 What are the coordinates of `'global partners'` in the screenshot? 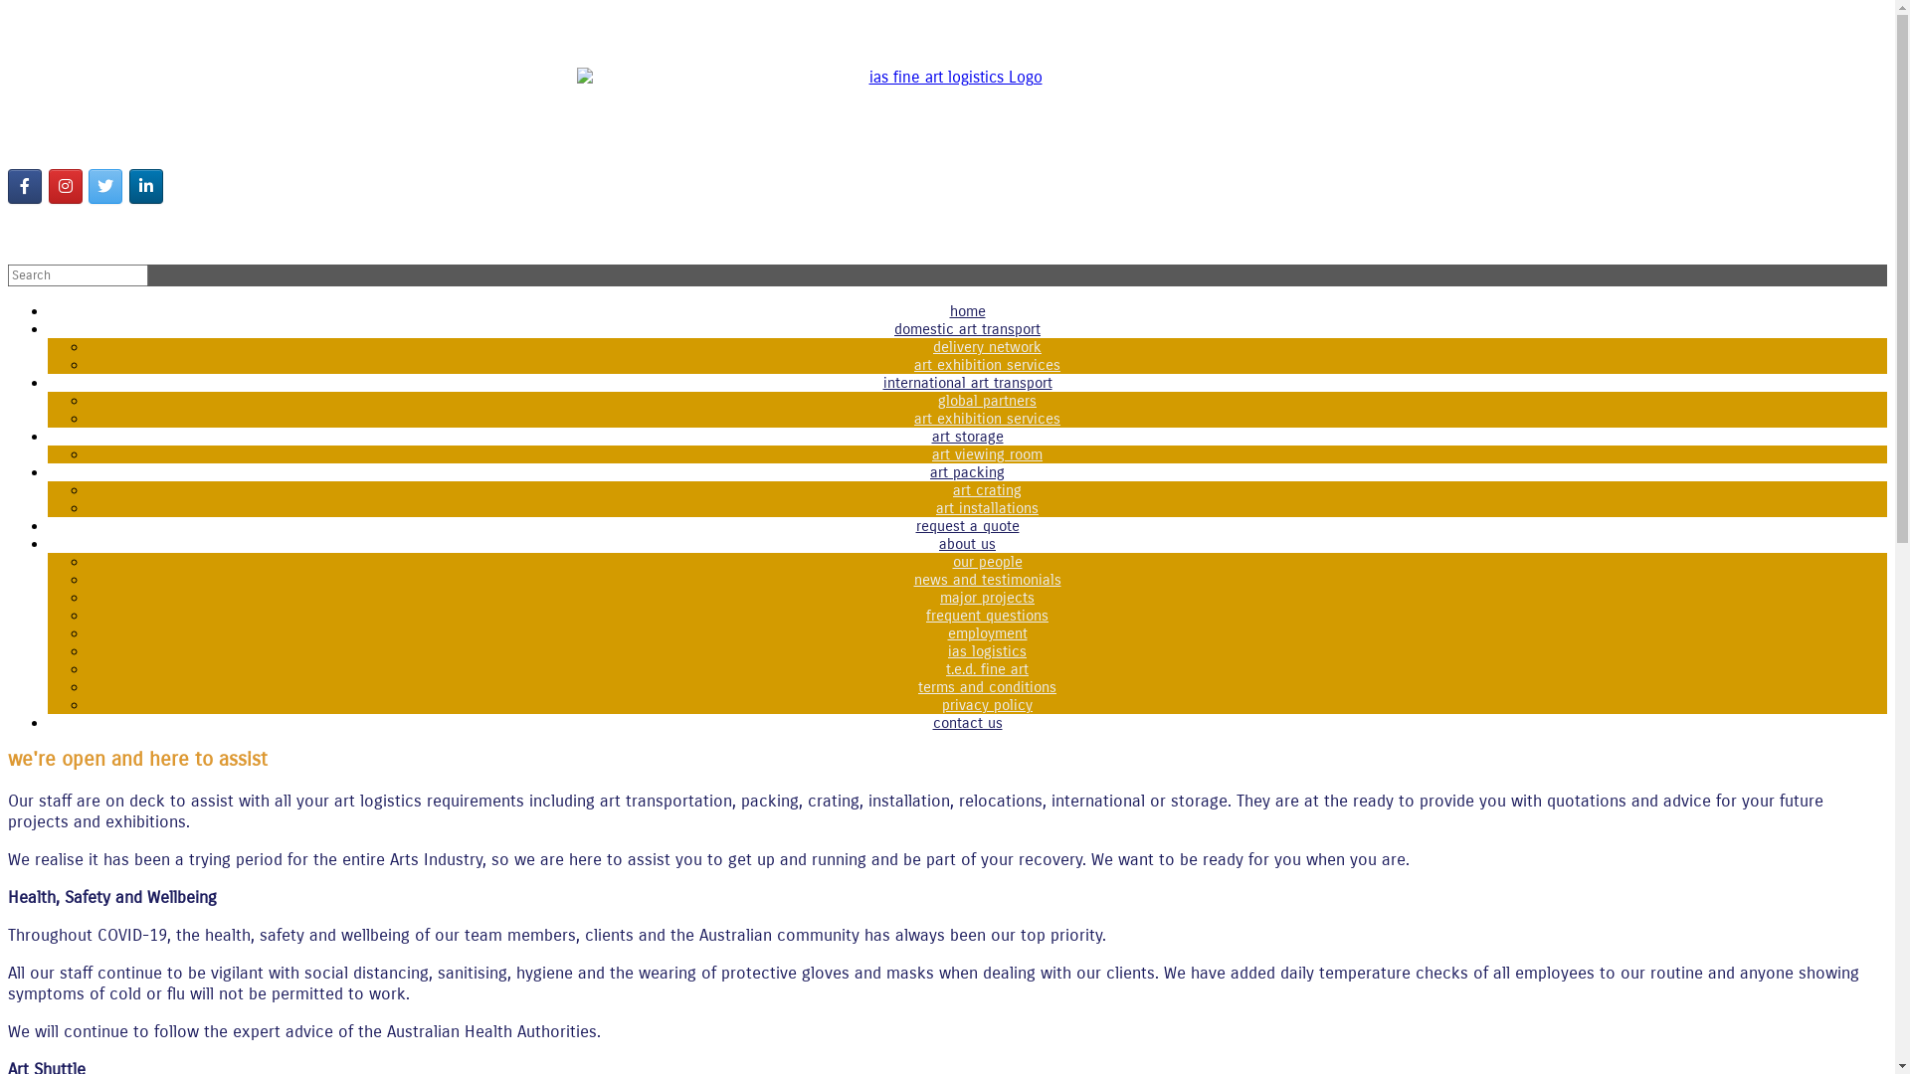 It's located at (987, 400).